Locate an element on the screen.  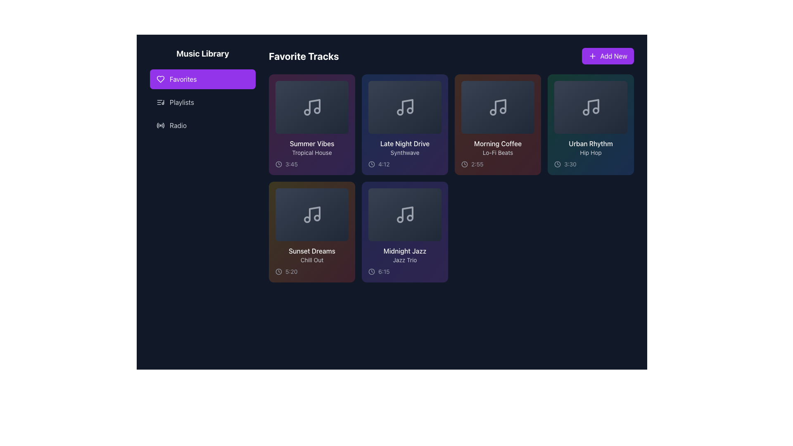
the interactive card for the music track 'Sunset Dreams' is located at coordinates (311, 232).